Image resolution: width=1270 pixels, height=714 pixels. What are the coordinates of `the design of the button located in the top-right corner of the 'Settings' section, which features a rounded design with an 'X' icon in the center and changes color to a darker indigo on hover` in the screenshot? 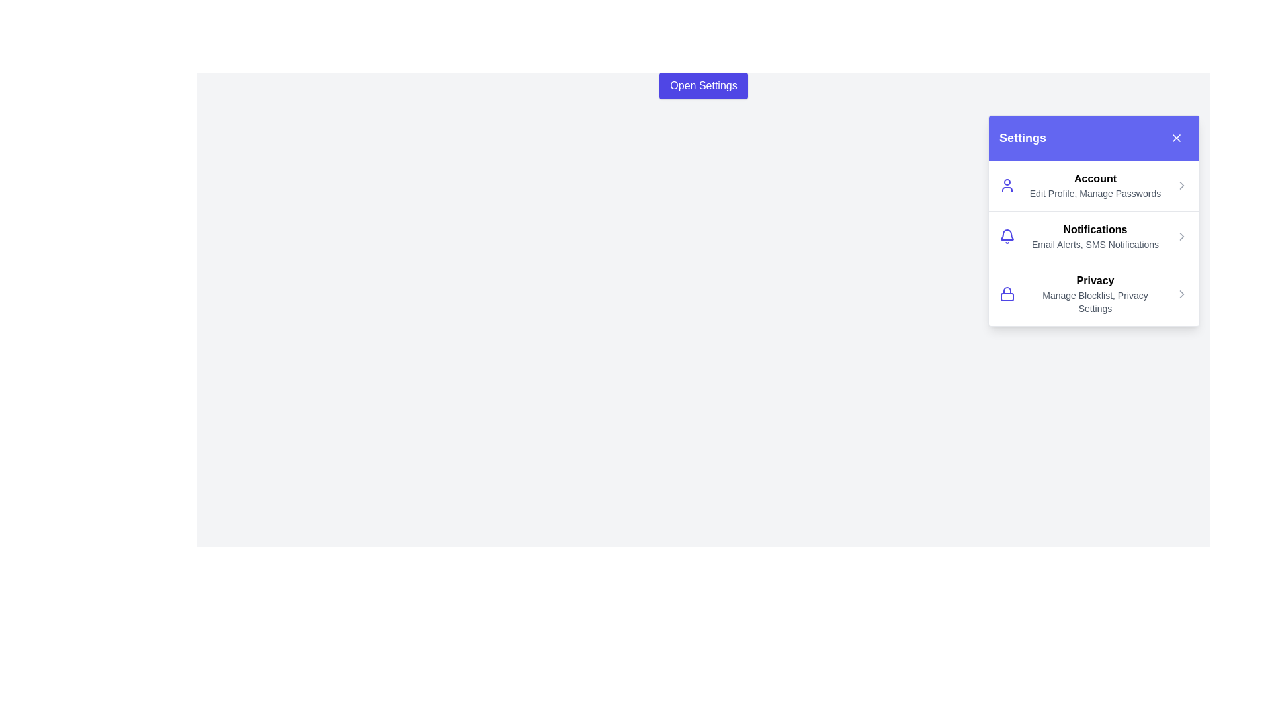 It's located at (1177, 138).